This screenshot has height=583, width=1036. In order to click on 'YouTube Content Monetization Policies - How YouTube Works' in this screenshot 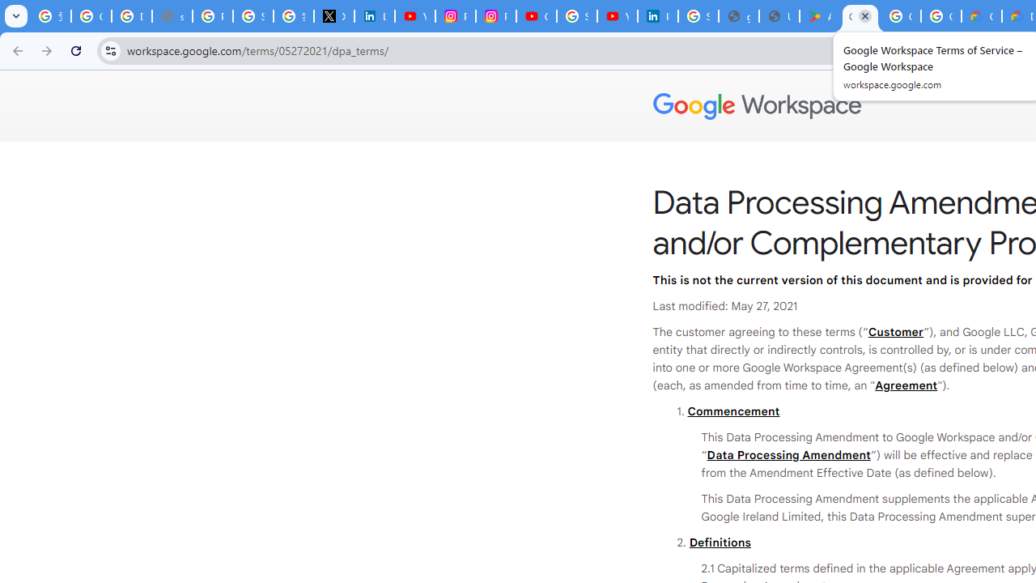, I will do `click(414, 16)`.